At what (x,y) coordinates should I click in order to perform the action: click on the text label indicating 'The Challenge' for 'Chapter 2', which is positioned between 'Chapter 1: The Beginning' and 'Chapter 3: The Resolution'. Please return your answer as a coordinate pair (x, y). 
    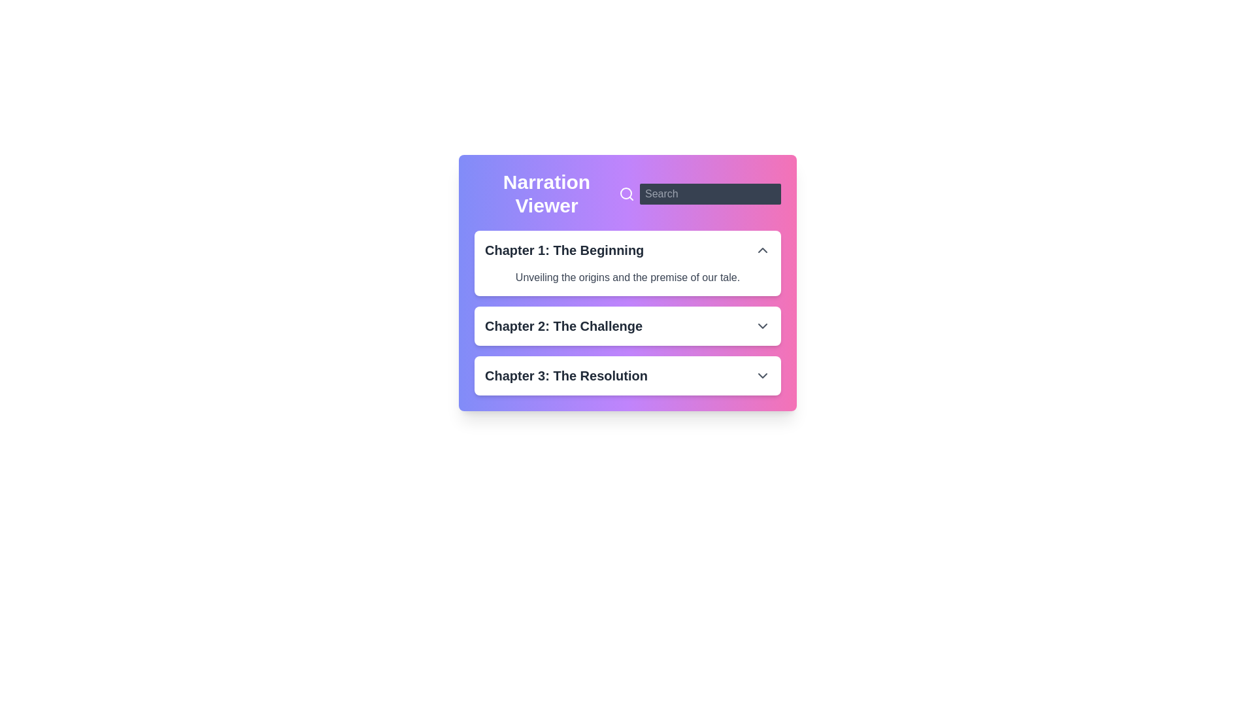
    Looking at the image, I should click on (563, 325).